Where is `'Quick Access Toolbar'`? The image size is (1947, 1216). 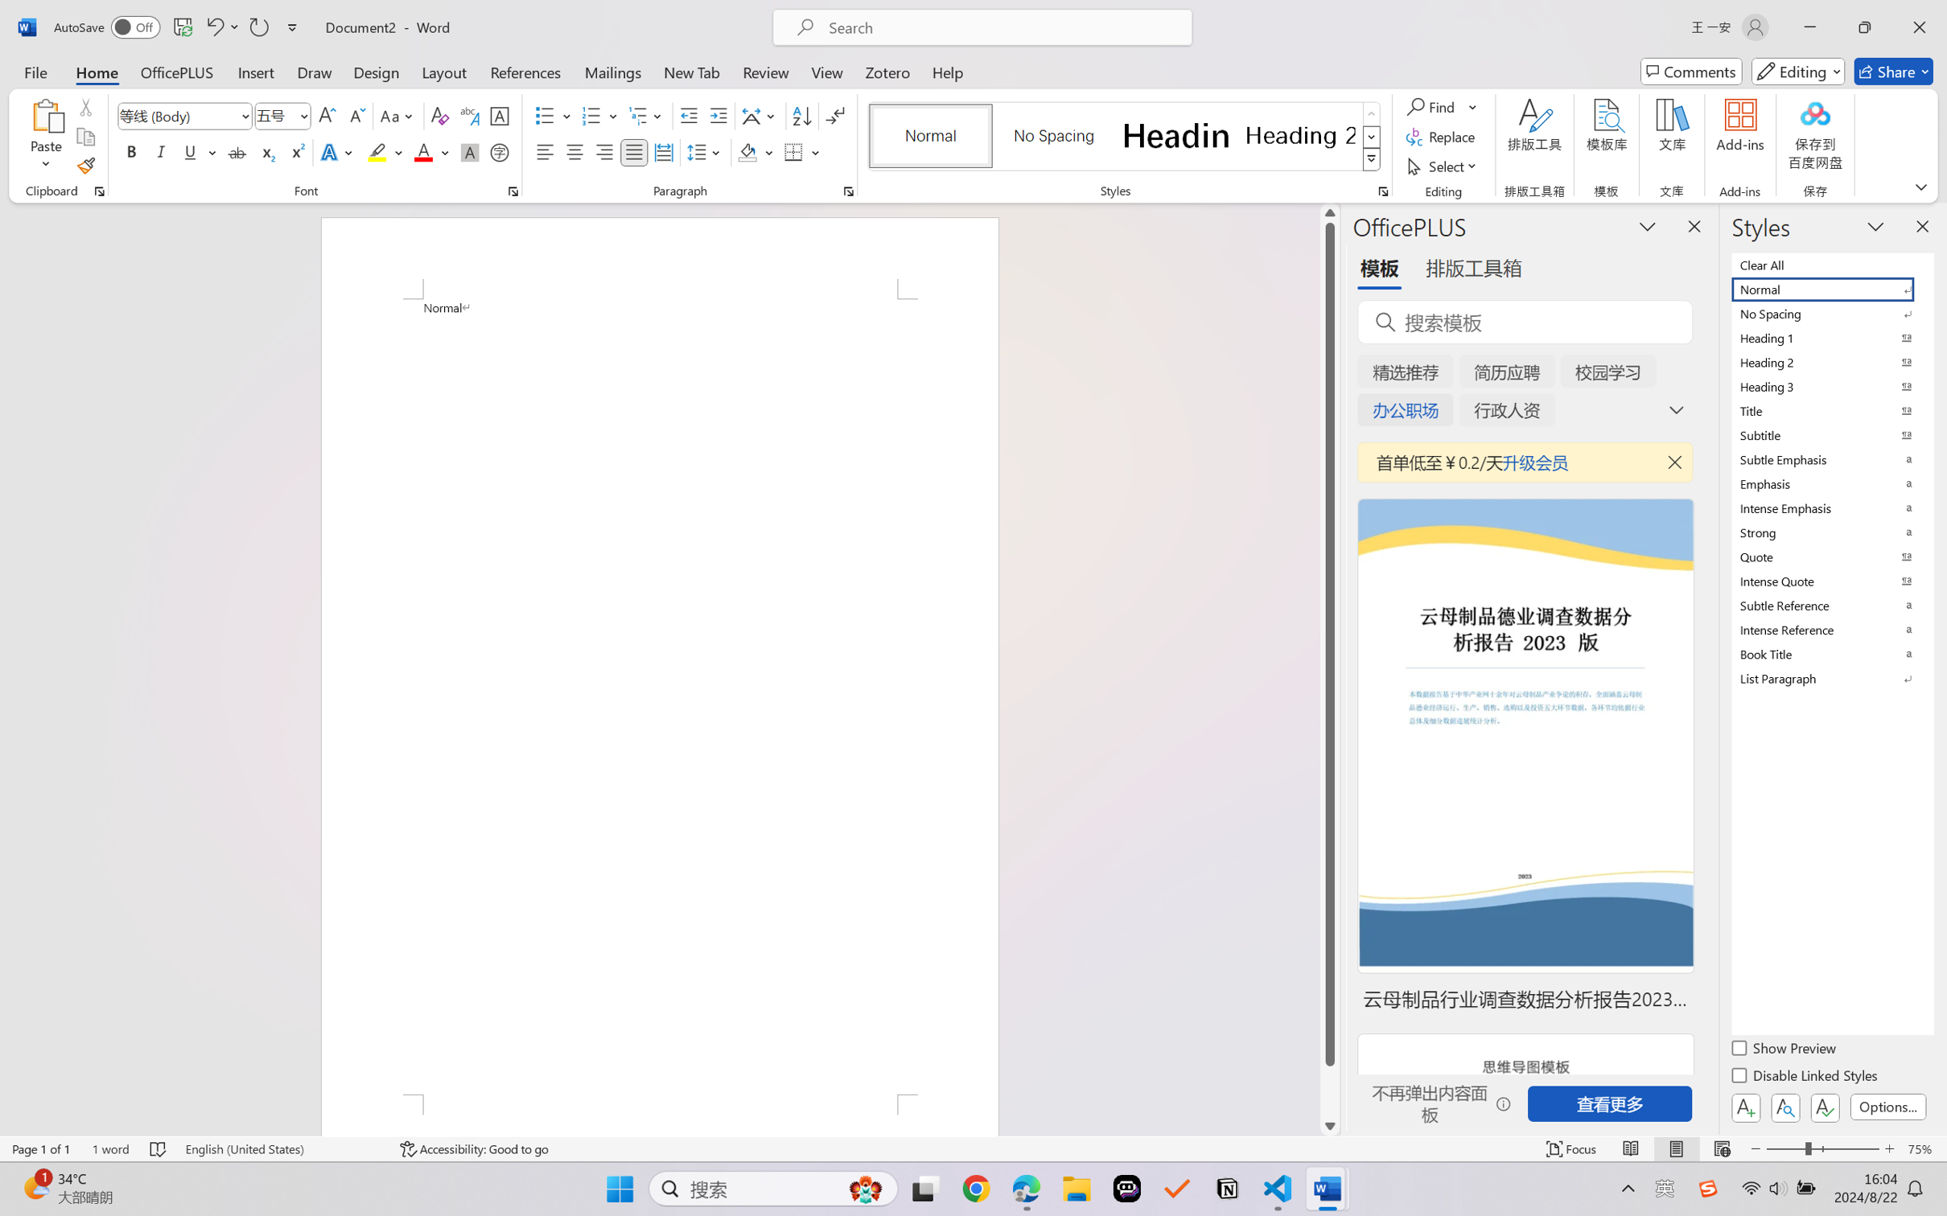 'Quick Access Toolbar' is located at coordinates (179, 27).